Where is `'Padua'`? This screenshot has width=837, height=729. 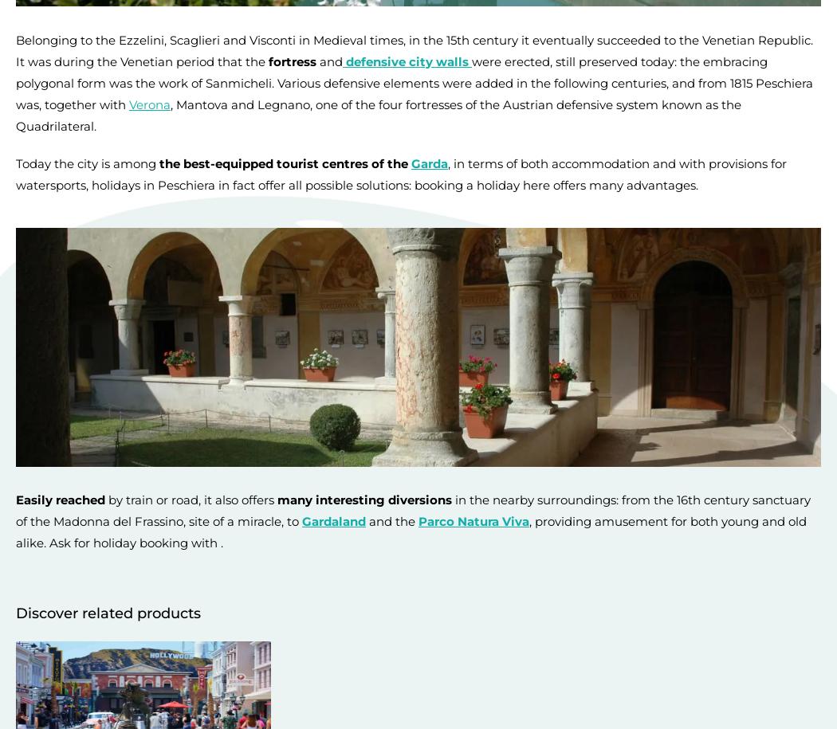
'Padua' is located at coordinates (607, 50).